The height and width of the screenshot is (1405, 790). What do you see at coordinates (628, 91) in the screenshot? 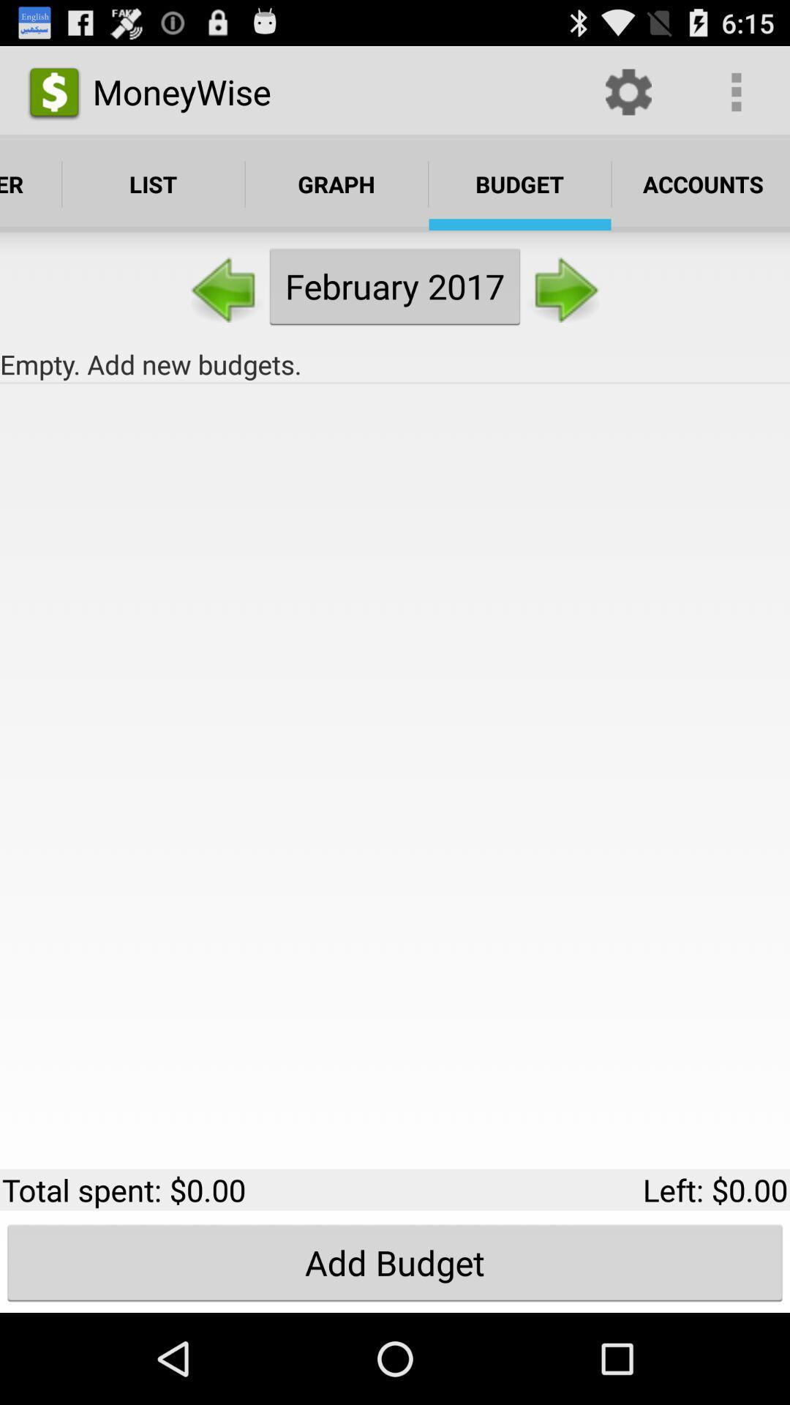
I see `item next to moneywise` at bounding box center [628, 91].